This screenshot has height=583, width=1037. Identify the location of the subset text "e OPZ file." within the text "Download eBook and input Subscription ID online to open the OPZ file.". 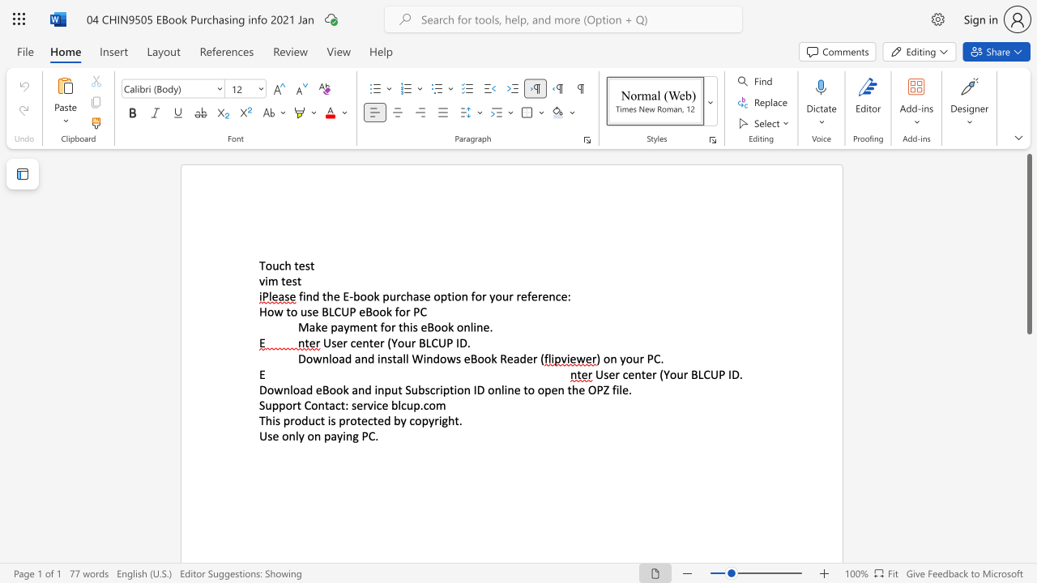
(578, 389).